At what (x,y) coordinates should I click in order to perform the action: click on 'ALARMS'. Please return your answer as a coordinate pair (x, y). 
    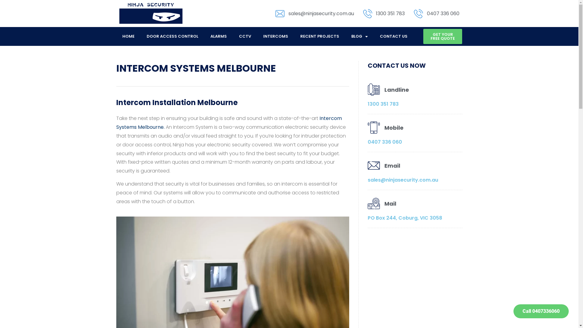
    Looking at the image, I should click on (204, 36).